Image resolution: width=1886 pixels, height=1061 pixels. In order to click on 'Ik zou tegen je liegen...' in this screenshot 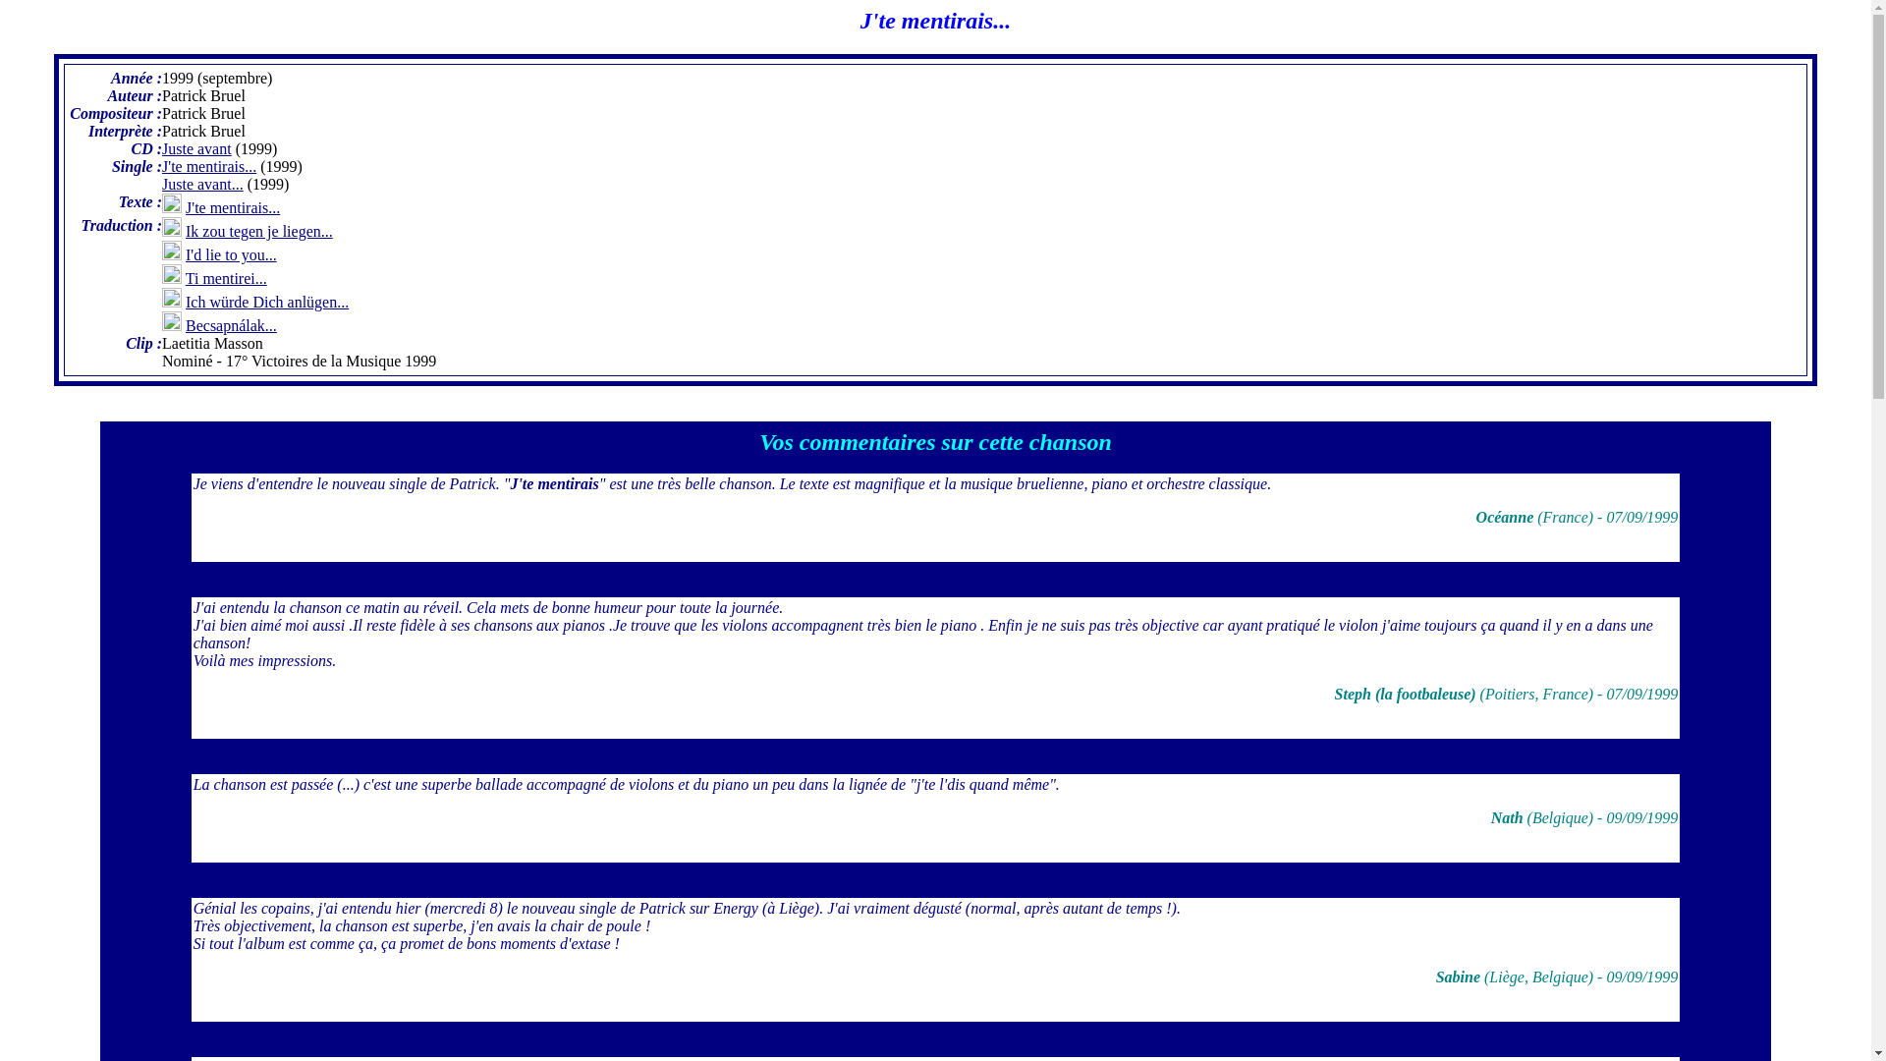, I will do `click(185, 230)`.